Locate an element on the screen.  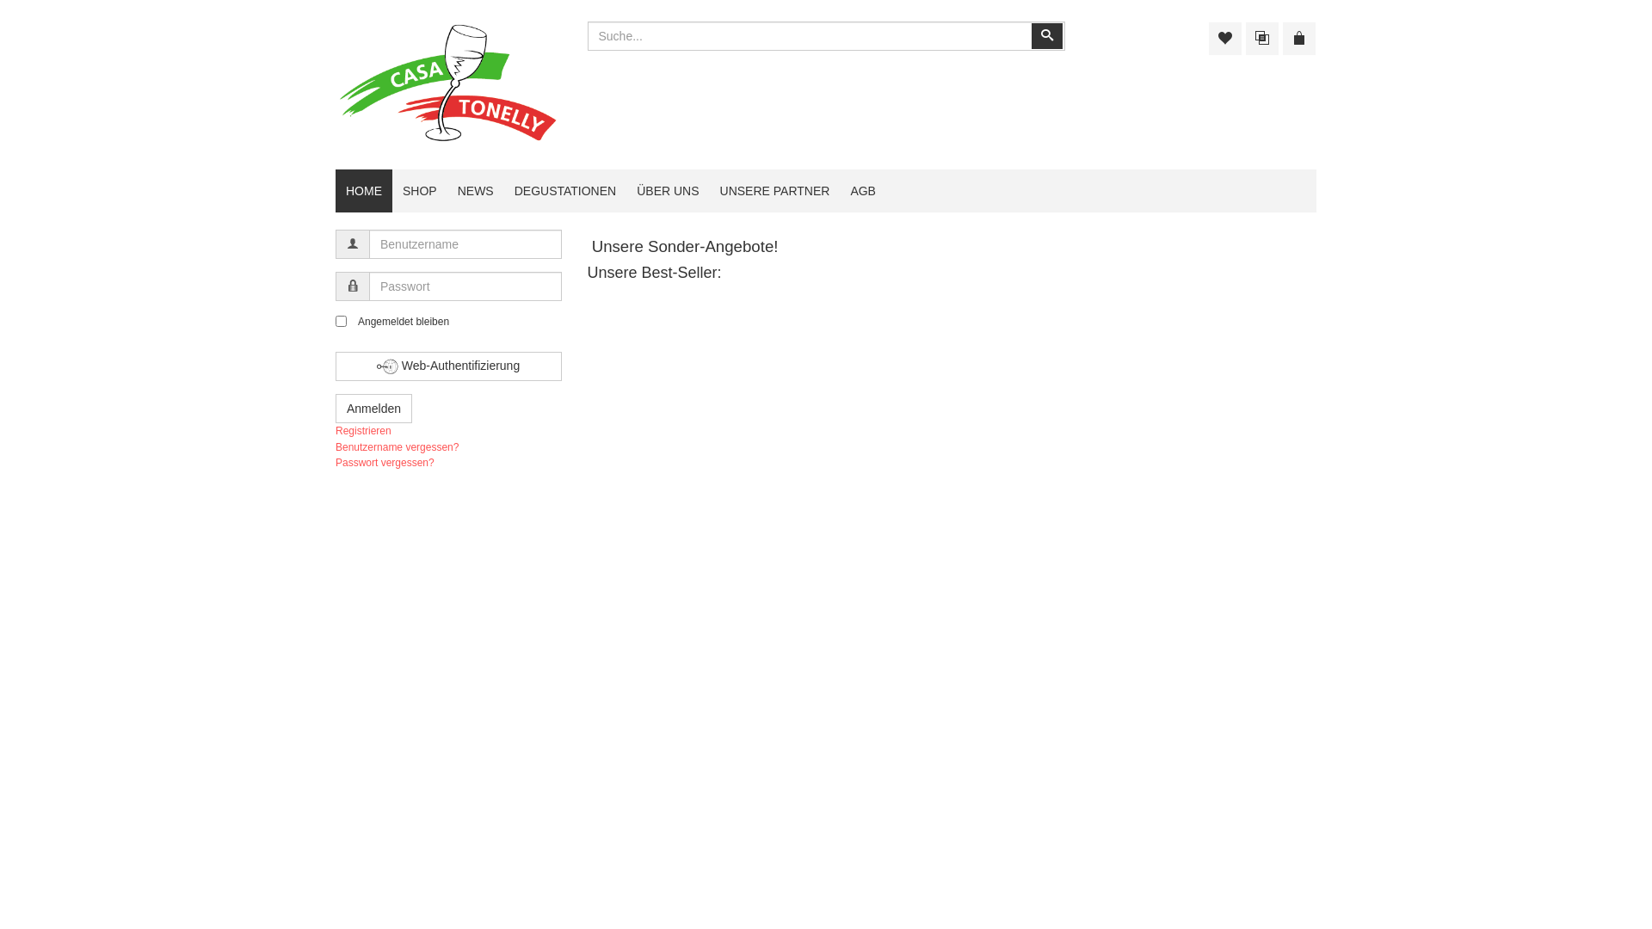
'AGB' is located at coordinates (839, 191).